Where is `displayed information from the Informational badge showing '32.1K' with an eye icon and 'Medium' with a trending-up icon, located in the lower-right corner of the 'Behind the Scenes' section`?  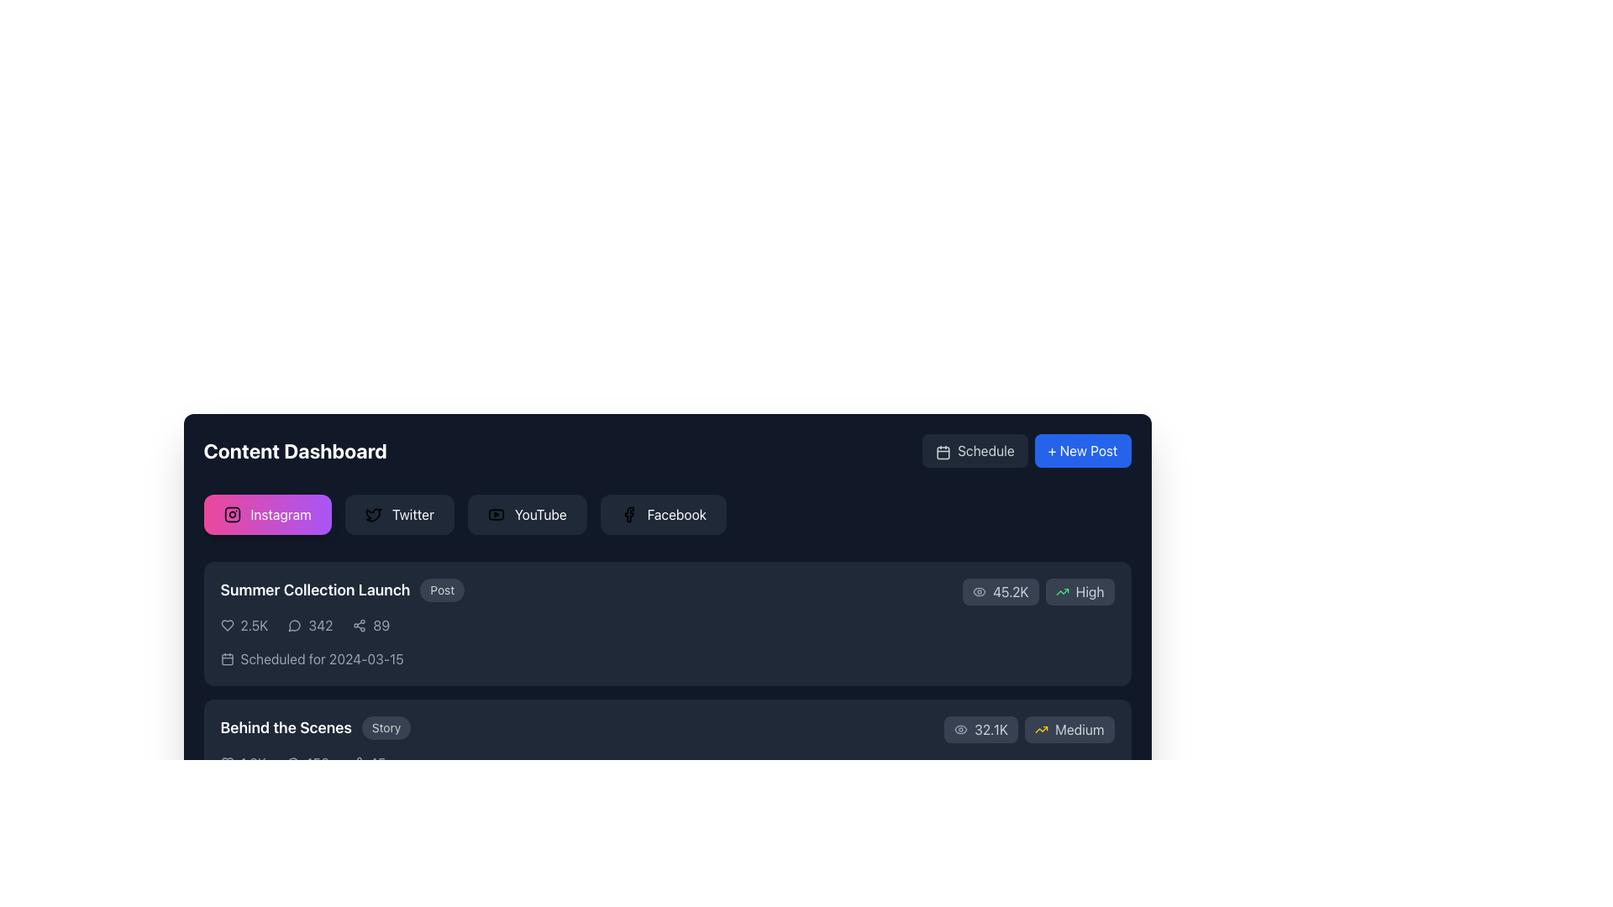 displayed information from the Informational badge showing '32.1K' with an eye icon and 'Medium' with a trending-up icon, located in the lower-right corner of the 'Behind the Scenes' section is located at coordinates (1028, 728).